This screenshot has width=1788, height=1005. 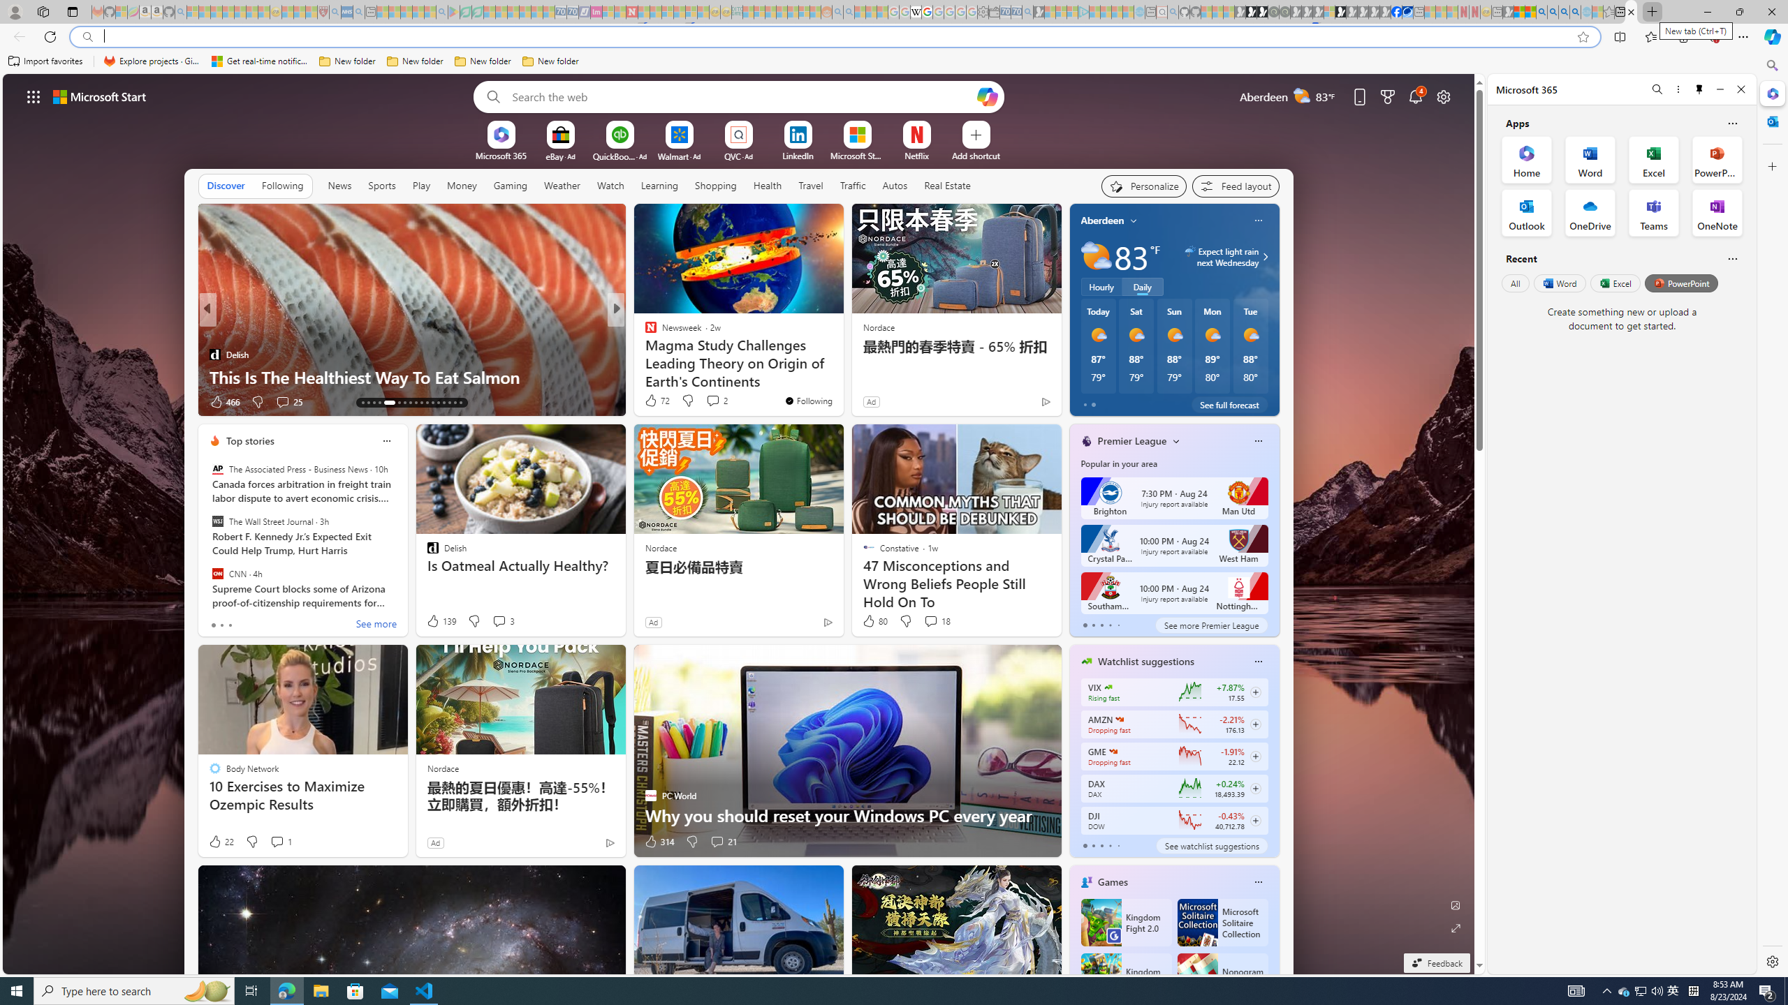 What do you see at coordinates (550, 61) in the screenshot?
I see `'New folder'` at bounding box center [550, 61].